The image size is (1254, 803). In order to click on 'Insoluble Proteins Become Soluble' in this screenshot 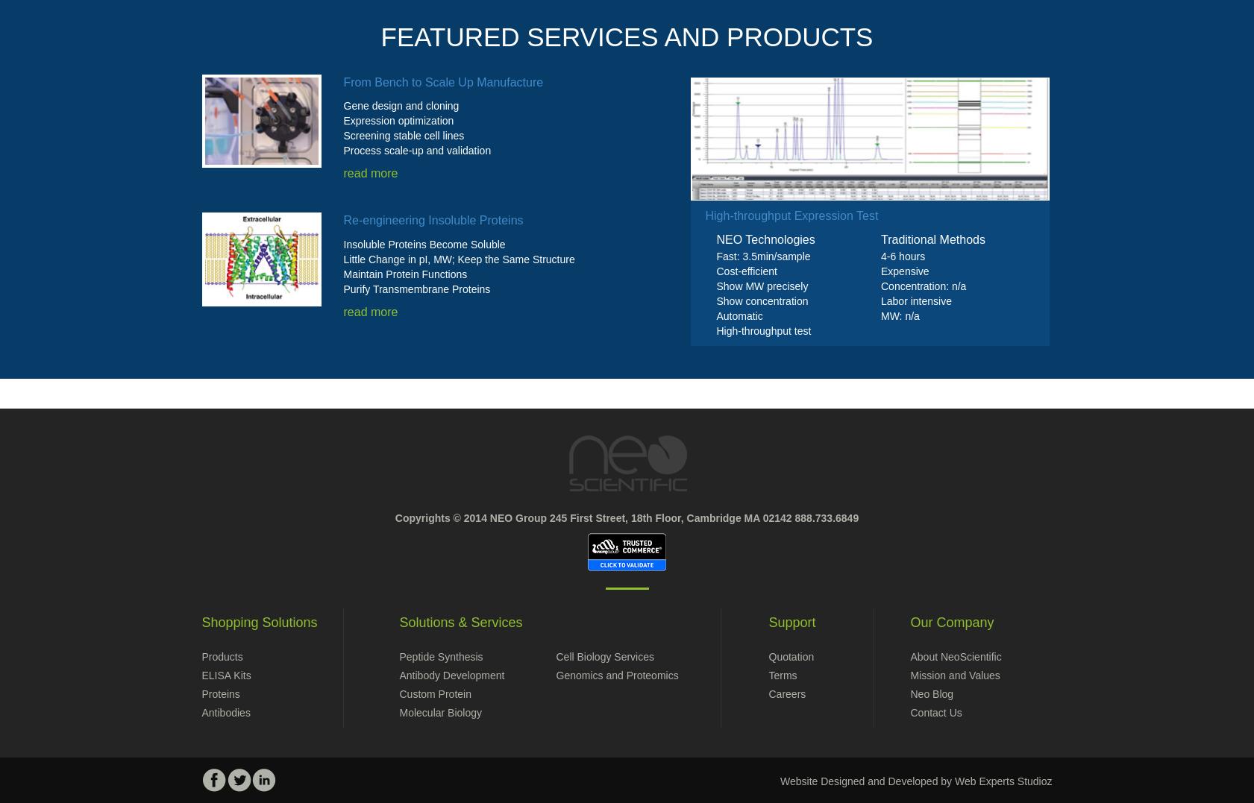, I will do `click(423, 244)`.